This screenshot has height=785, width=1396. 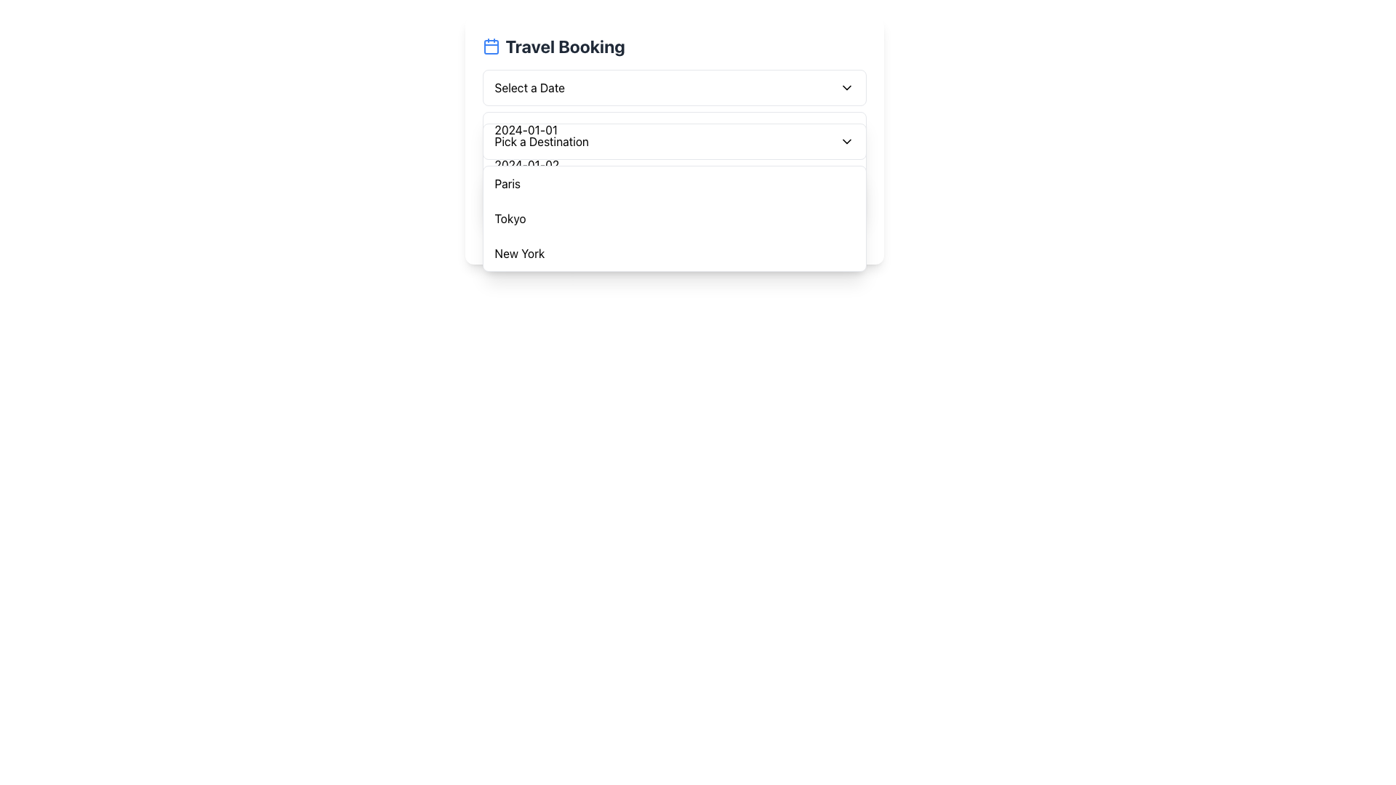 What do you see at coordinates (673, 87) in the screenshot?
I see `the dropdown menu labeled 'Select a Date'` at bounding box center [673, 87].